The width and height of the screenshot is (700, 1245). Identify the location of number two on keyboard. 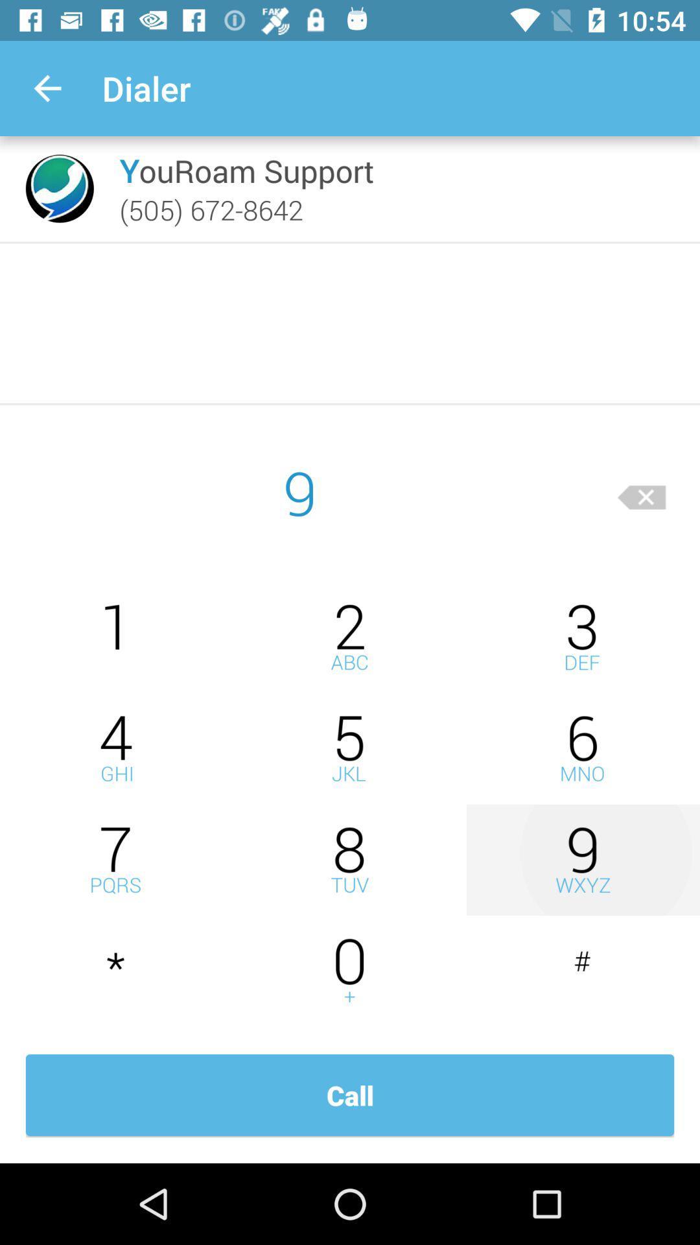
(350, 637).